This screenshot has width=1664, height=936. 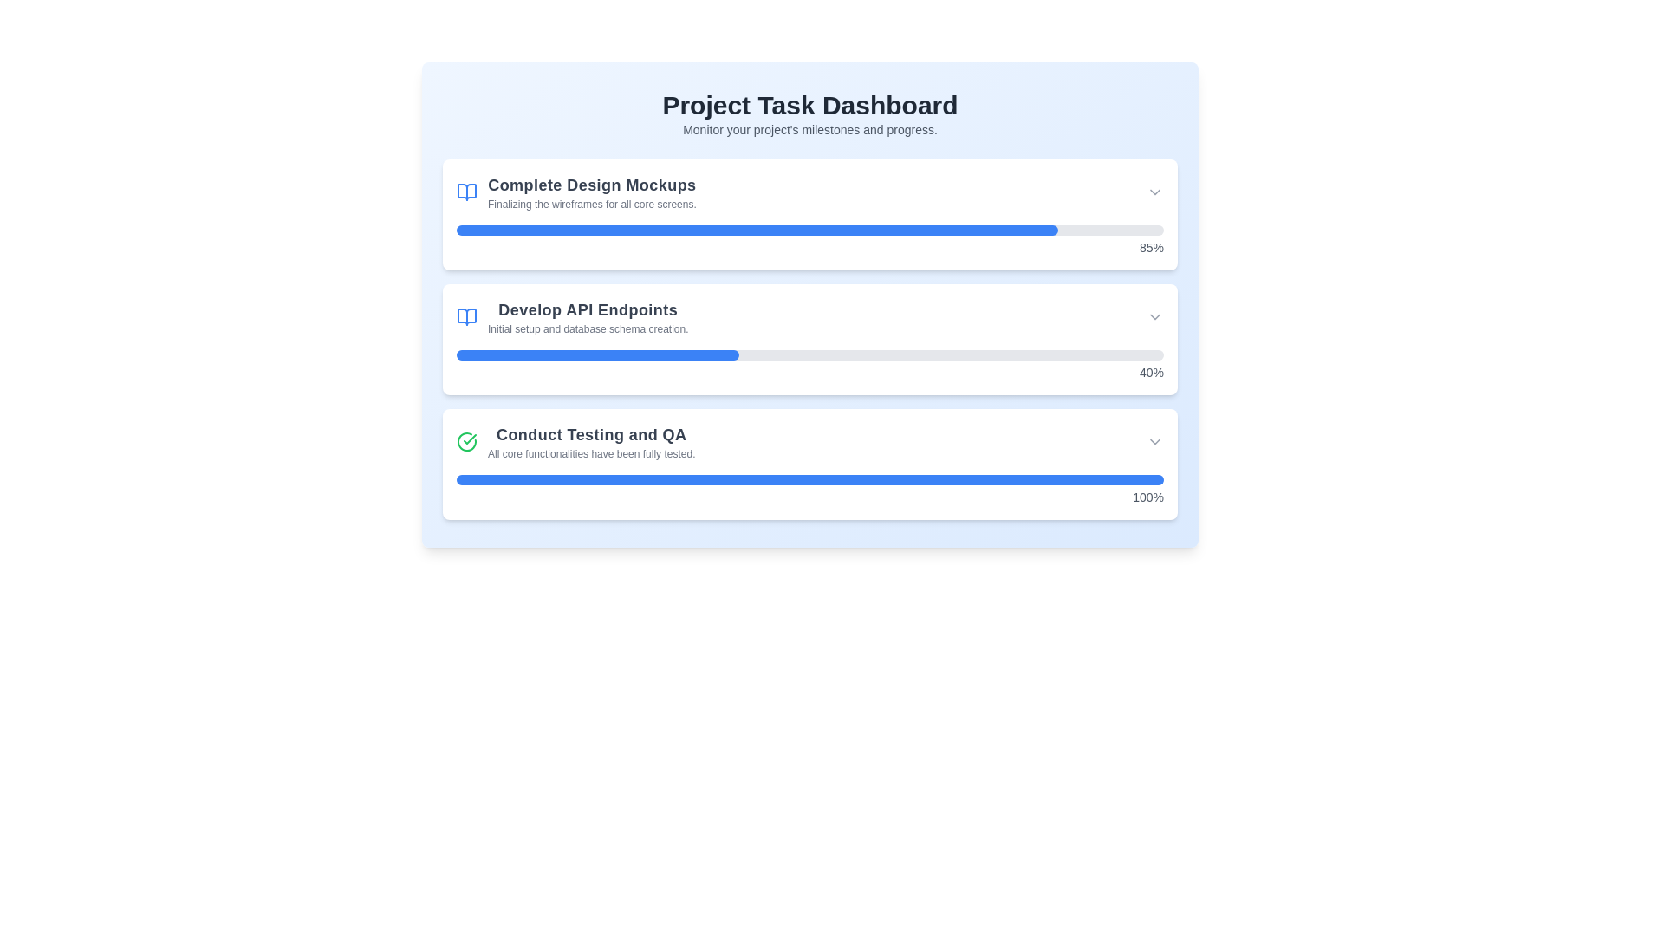 What do you see at coordinates (788, 354) in the screenshot?
I see `progress` at bounding box center [788, 354].